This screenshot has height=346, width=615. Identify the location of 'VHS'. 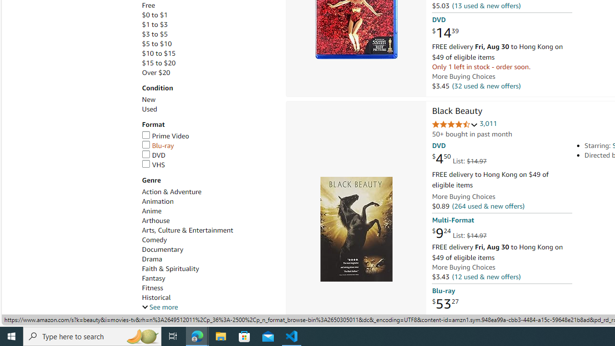
(153, 164).